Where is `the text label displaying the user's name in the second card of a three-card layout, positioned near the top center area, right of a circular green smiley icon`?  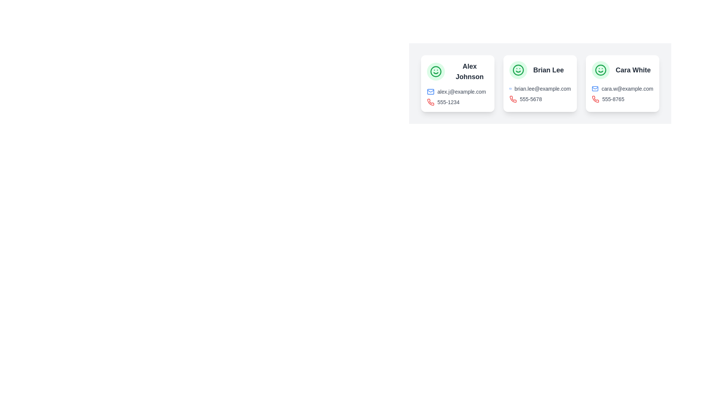
the text label displaying the user's name in the second card of a three-card layout, positioned near the top center area, right of a circular green smiley icon is located at coordinates (540, 70).